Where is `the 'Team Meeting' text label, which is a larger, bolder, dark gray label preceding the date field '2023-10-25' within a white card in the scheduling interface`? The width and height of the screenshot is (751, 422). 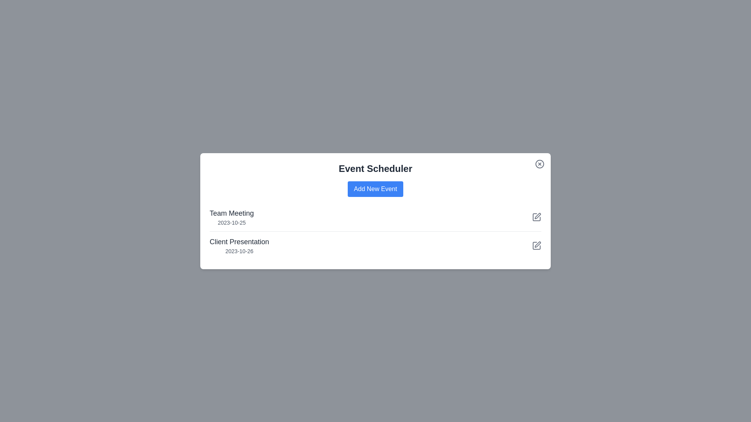
the 'Team Meeting' text label, which is a larger, bolder, dark gray label preceding the date field '2023-10-25' within a white card in the scheduling interface is located at coordinates (231, 213).